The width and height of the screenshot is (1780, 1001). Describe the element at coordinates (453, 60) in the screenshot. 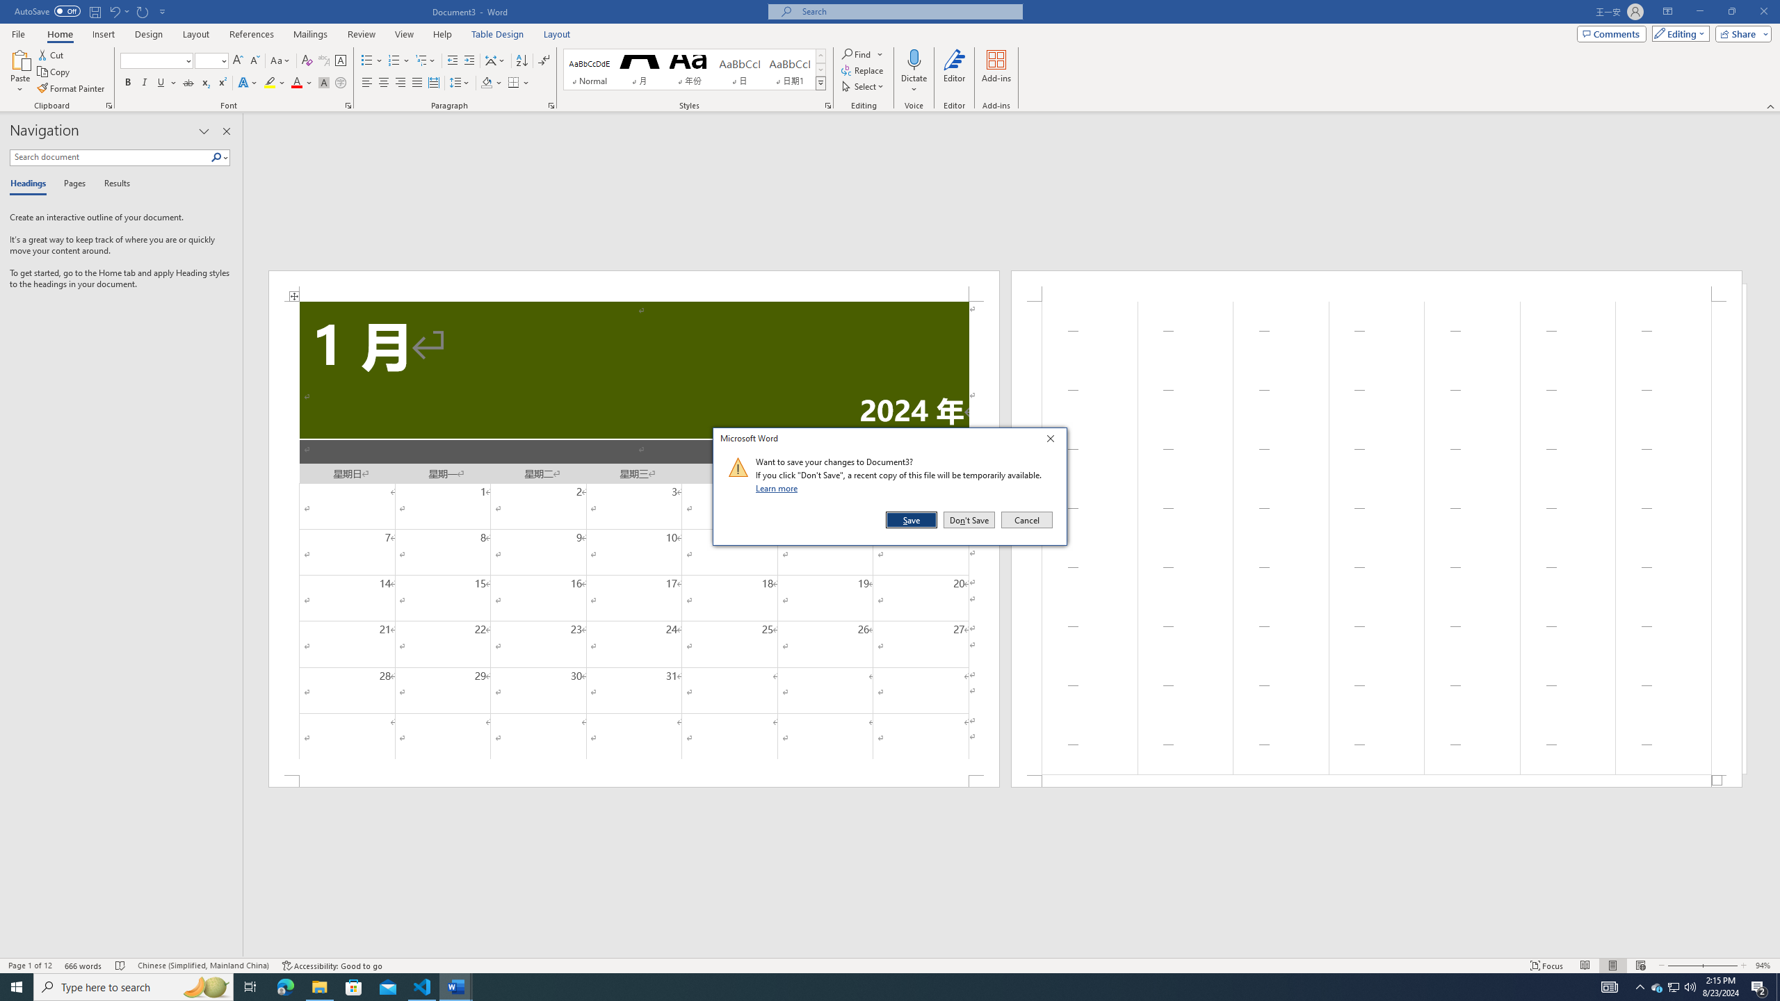

I see `'Decrease Indent'` at that location.